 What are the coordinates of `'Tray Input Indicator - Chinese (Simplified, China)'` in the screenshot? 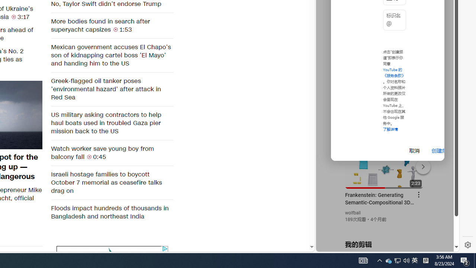 It's located at (425, 260).